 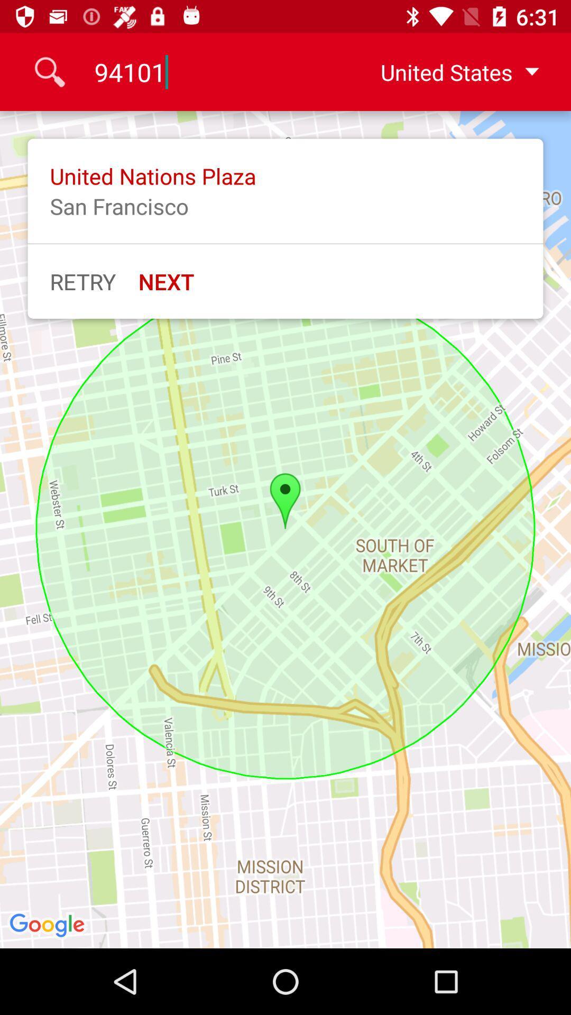 What do you see at coordinates (215, 71) in the screenshot?
I see `item next to the united states` at bounding box center [215, 71].